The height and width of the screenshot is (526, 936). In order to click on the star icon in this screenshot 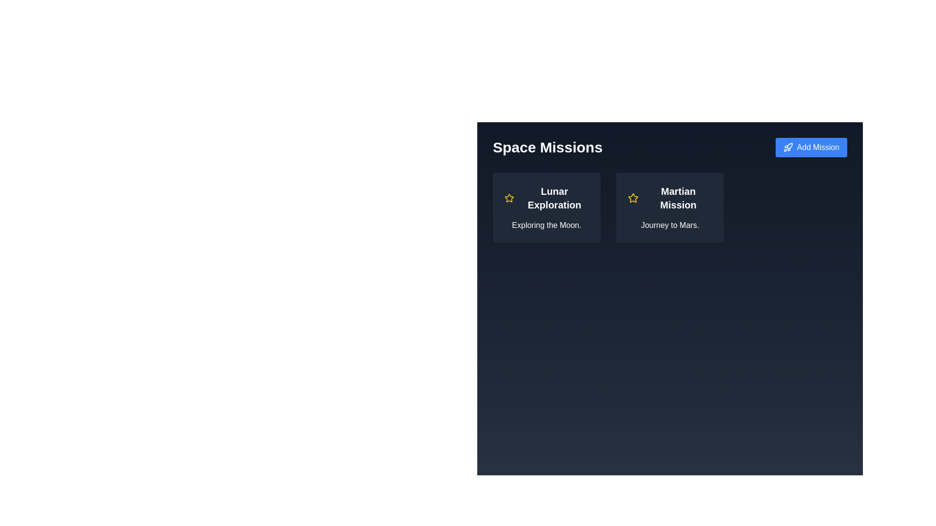, I will do `click(633, 198)`.